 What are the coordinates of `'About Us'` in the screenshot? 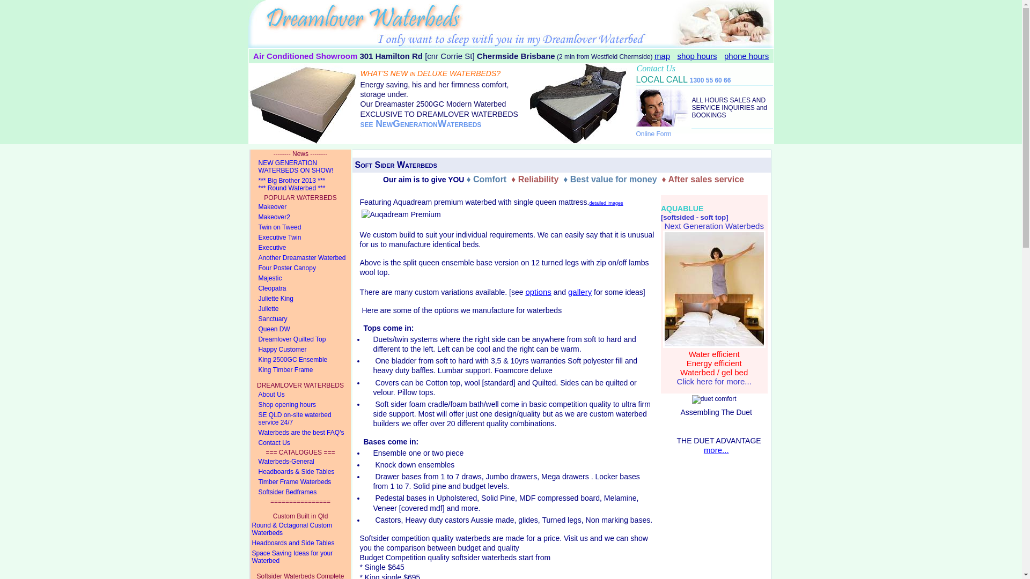 It's located at (249, 395).